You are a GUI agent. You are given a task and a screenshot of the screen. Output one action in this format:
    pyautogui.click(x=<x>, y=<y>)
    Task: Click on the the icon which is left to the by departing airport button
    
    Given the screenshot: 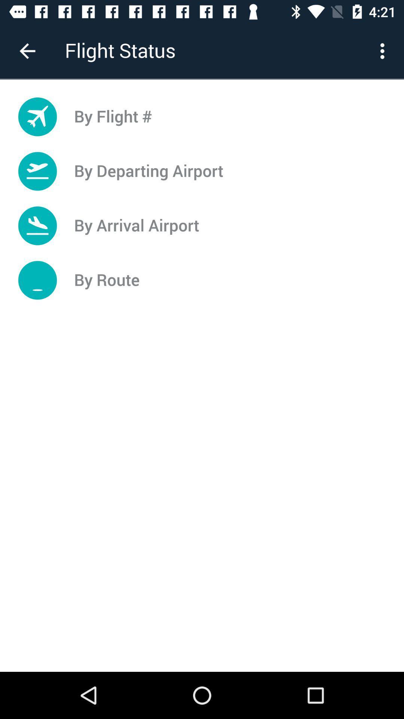 What is the action you would take?
    pyautogui.click(x=37, y=171)
    